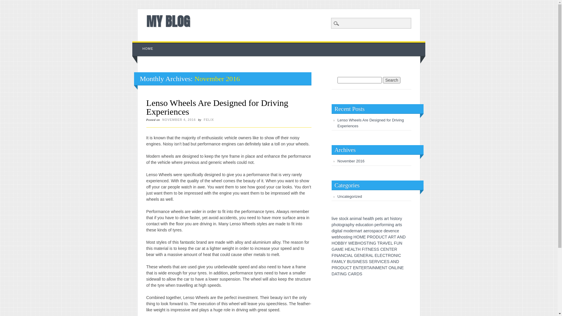 The image size is (562, 316). What do you see at coordinates (390, 249) in the screenshot?
I see `'T'` at bounding box center [390, 249].